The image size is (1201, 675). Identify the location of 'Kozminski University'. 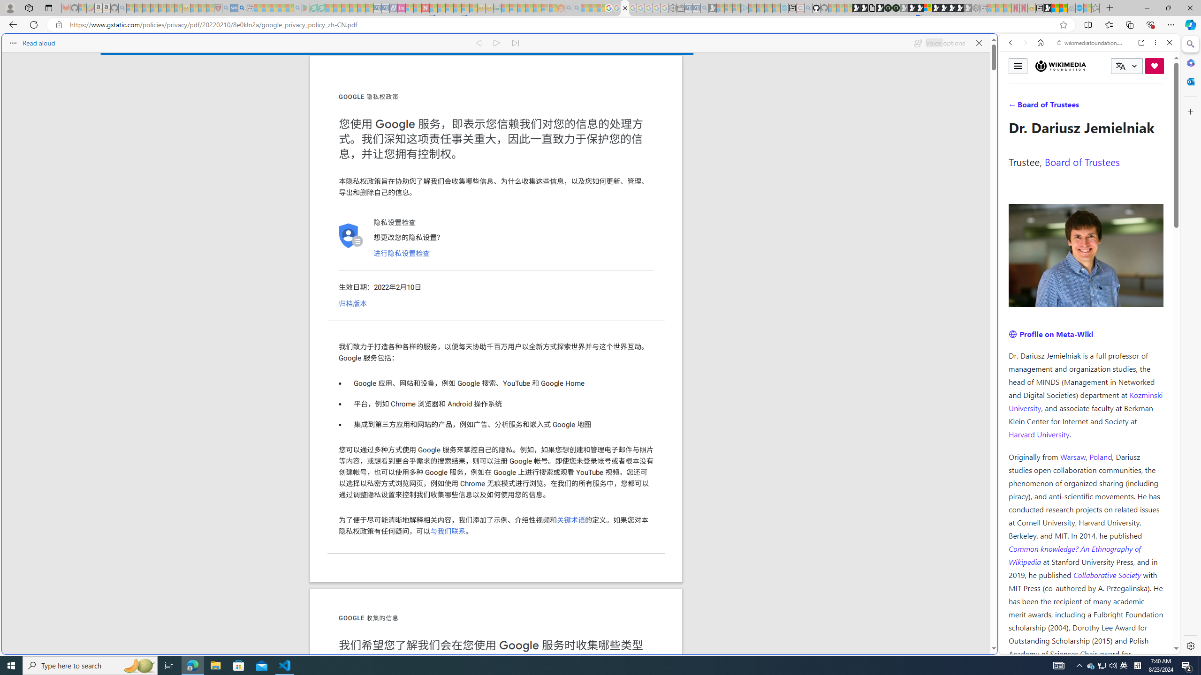
(1086, 400).